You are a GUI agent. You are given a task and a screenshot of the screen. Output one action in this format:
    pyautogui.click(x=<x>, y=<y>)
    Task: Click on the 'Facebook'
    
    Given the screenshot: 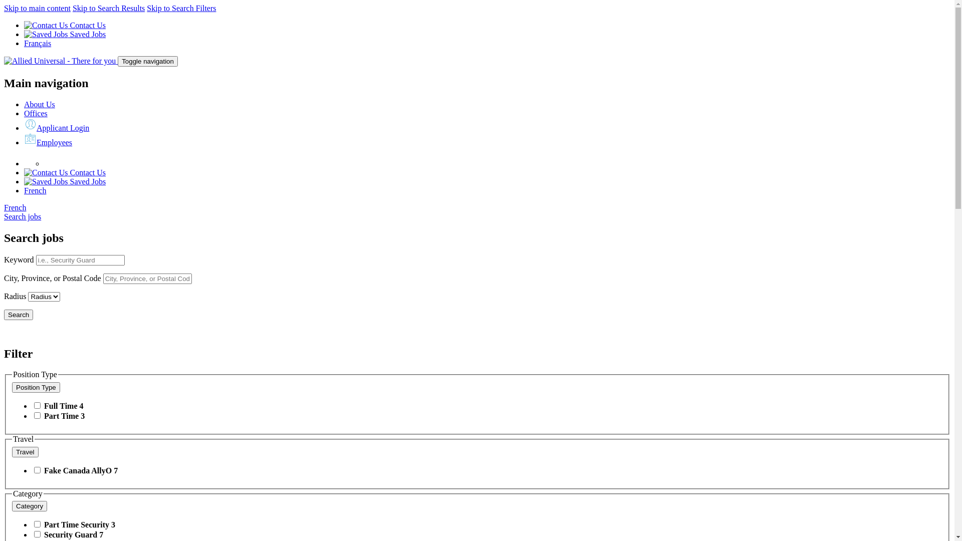 What is the action you would take?
    pyautogui.click(x=49, y=163)
    